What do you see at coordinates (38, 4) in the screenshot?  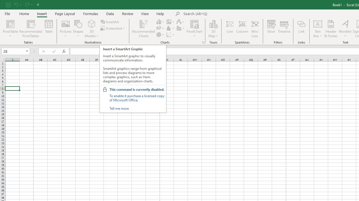 I see `'Customize Quick Access Toolbar'` at bounding box center [38, 4].